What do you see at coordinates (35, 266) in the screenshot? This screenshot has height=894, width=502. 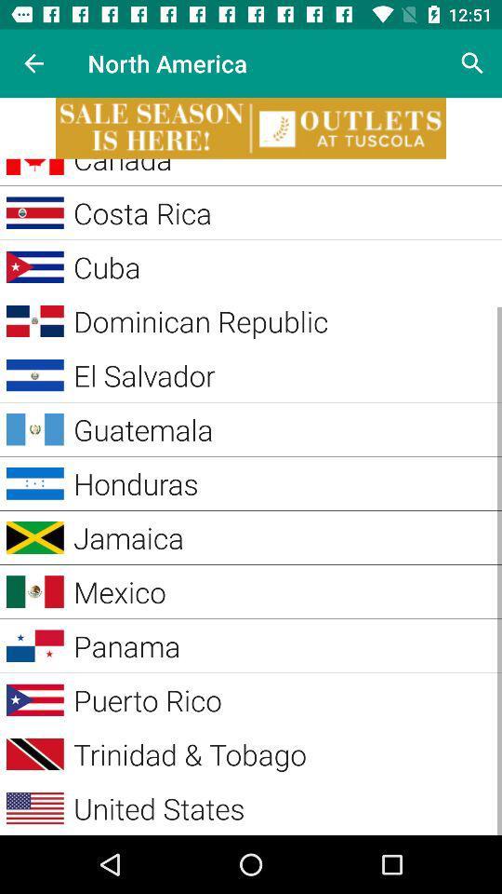 I see `the image on left to the button cuba on the web page` at bounding box center [35, 266].